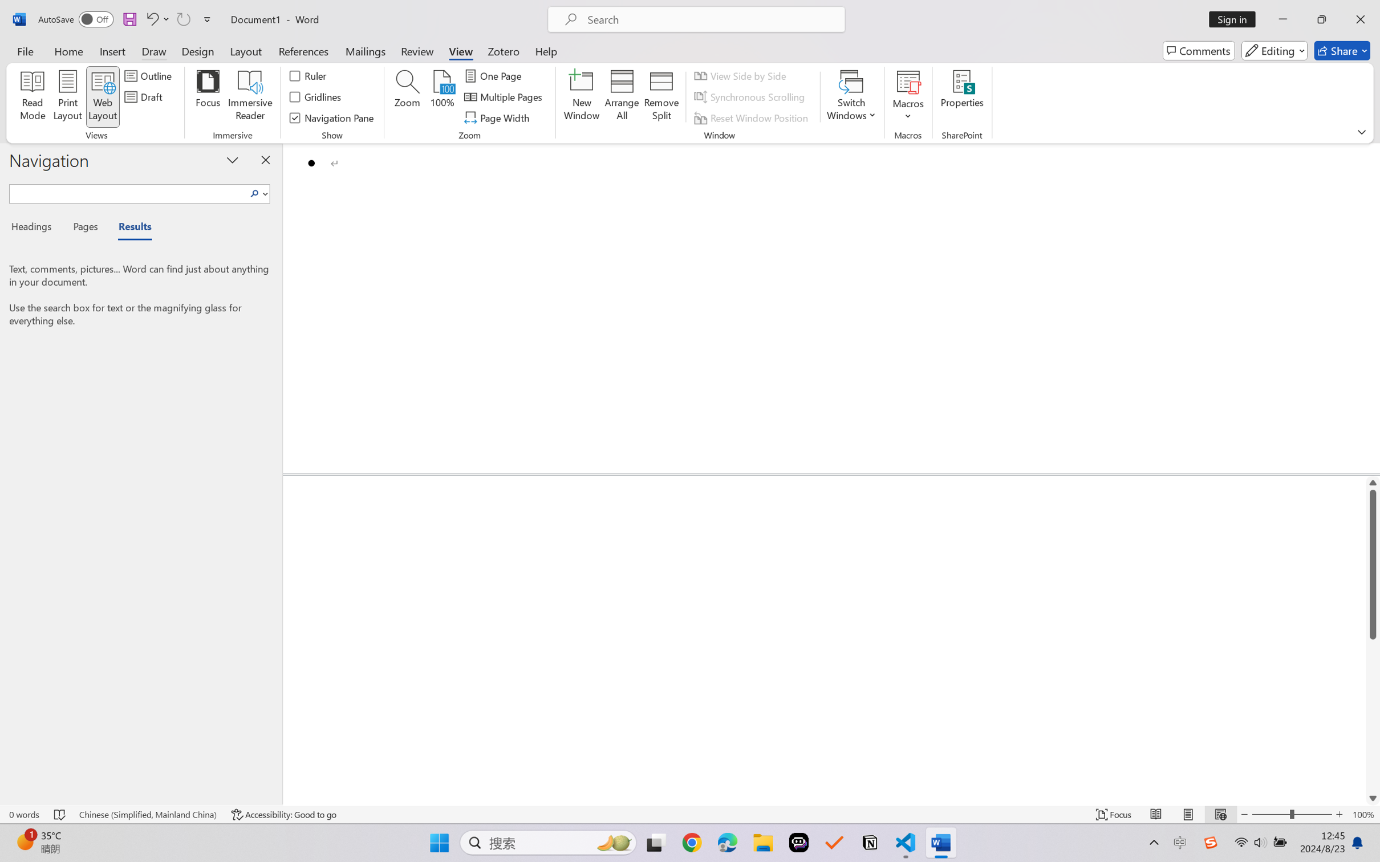 This screenshot has width=1380, height=862. I want to click on 'Line up', so click(1373, 482).